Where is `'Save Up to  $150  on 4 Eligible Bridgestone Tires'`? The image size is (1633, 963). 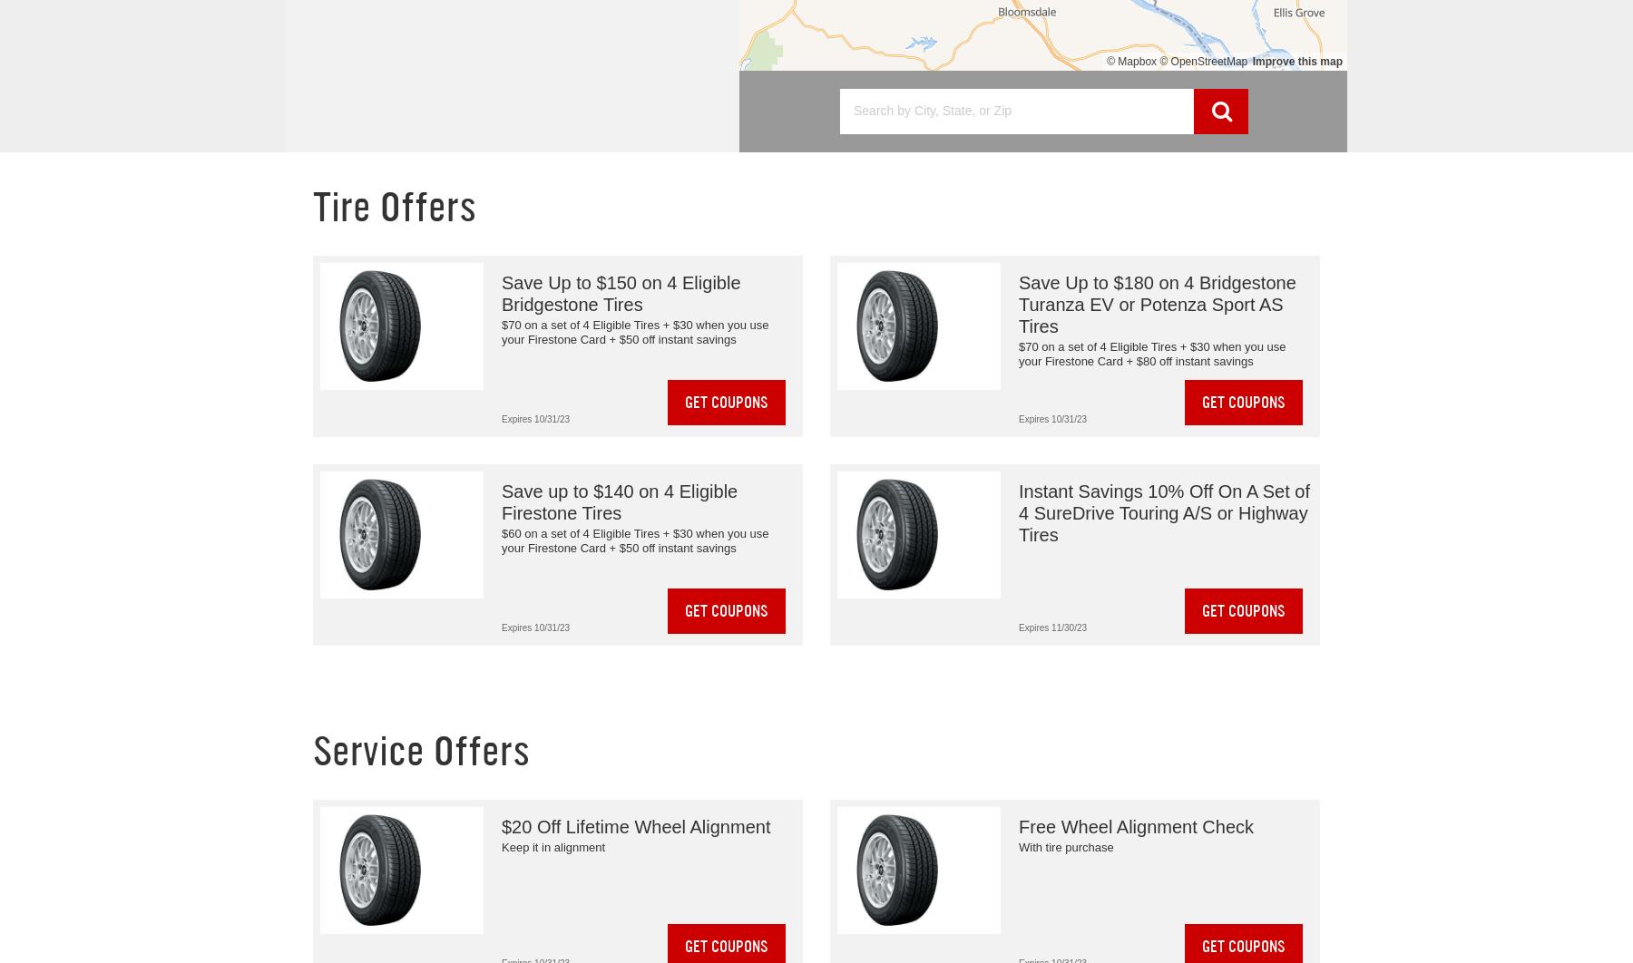 'Save Up to  $150  on 4 Eligible Bridgestone Tires' is located at coordinates (500, 293).